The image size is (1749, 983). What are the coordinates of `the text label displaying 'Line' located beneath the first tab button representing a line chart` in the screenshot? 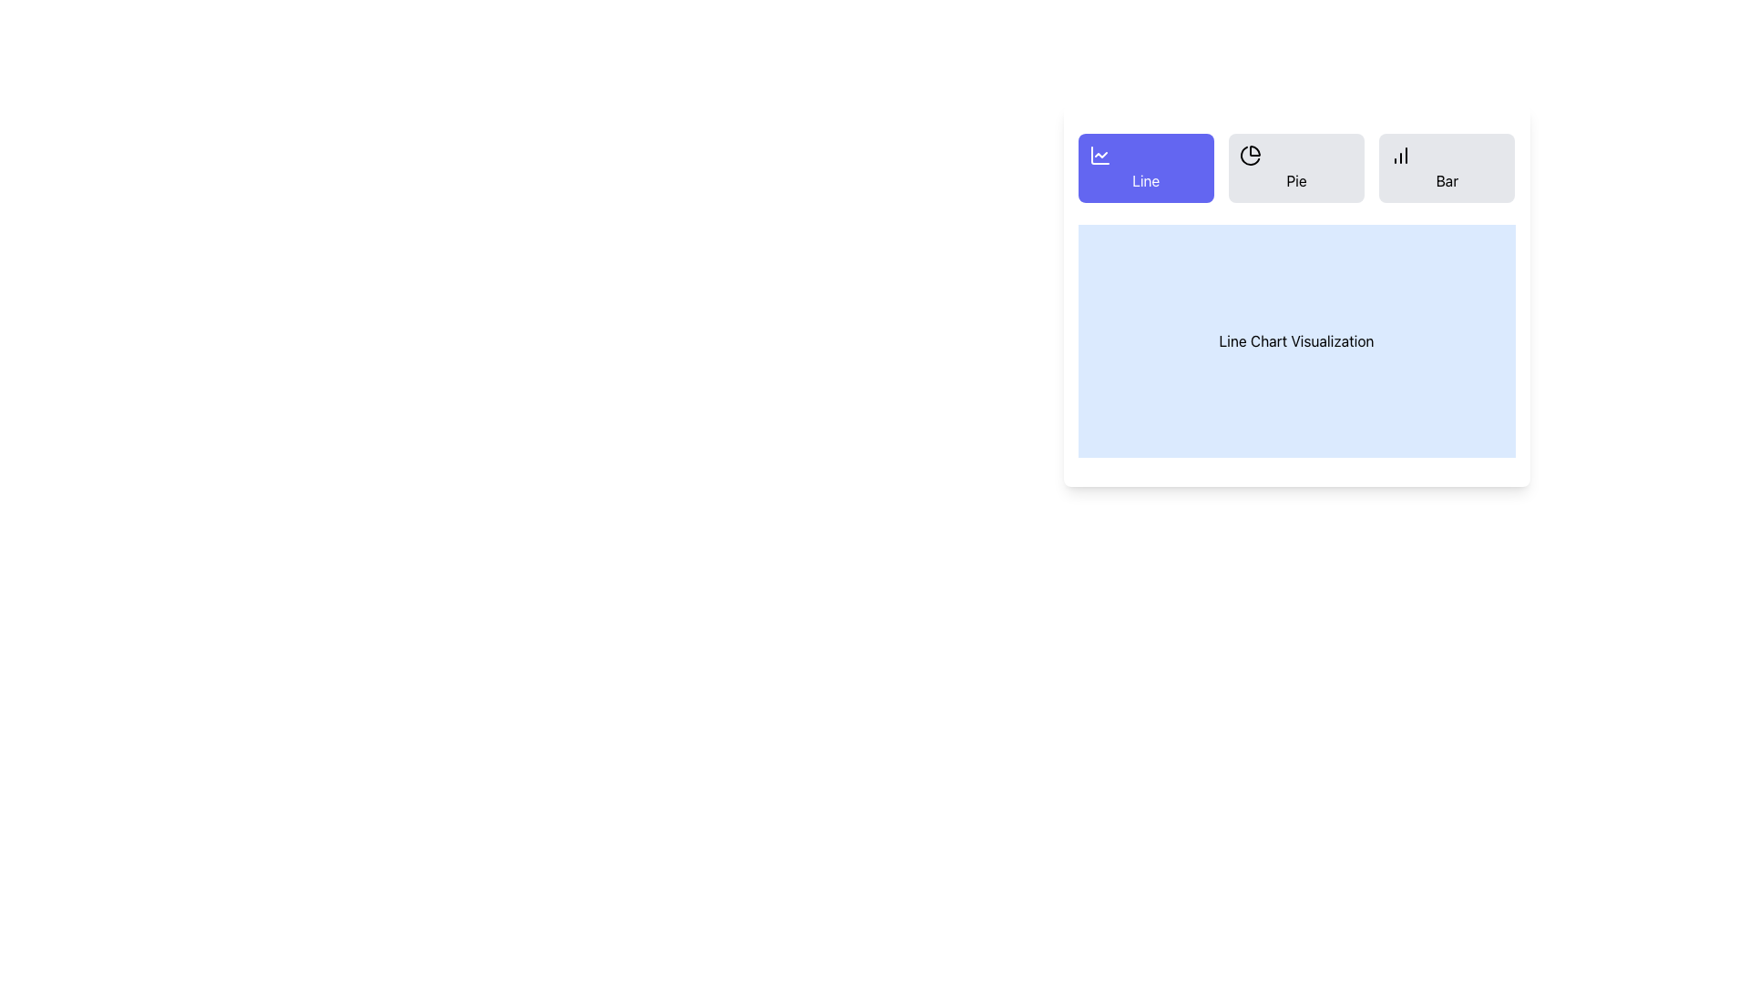 It's located at (1144, 181).